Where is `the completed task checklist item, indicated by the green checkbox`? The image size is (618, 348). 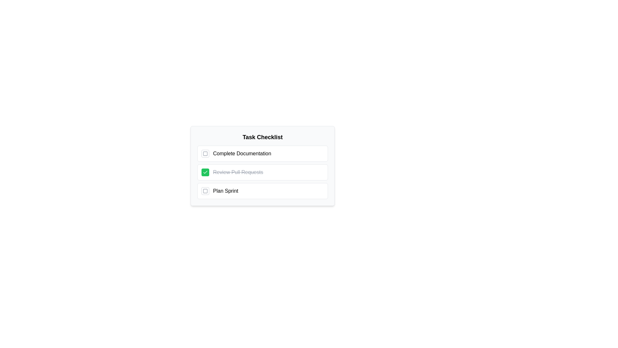
the completed task checklist item, indicated by the green checkbox is located at coordinates (263, 166).